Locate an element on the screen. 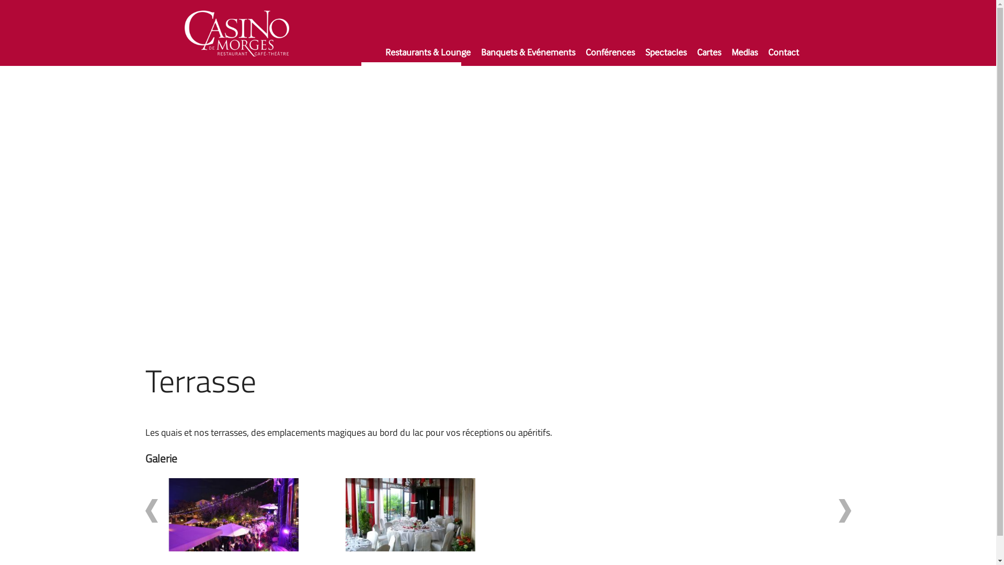 This screenshot has height=565, width=1004. 'Cartes' is located at coordinates (709, 56).